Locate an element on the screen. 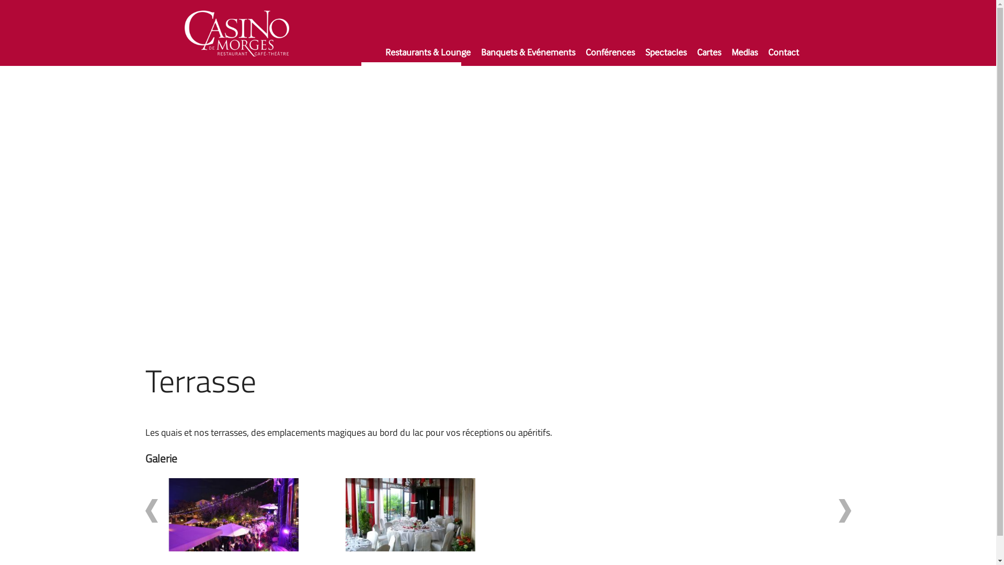 This screenshot has height=565, width=1004. 'Cartes' is located at coordinates (709, 56).